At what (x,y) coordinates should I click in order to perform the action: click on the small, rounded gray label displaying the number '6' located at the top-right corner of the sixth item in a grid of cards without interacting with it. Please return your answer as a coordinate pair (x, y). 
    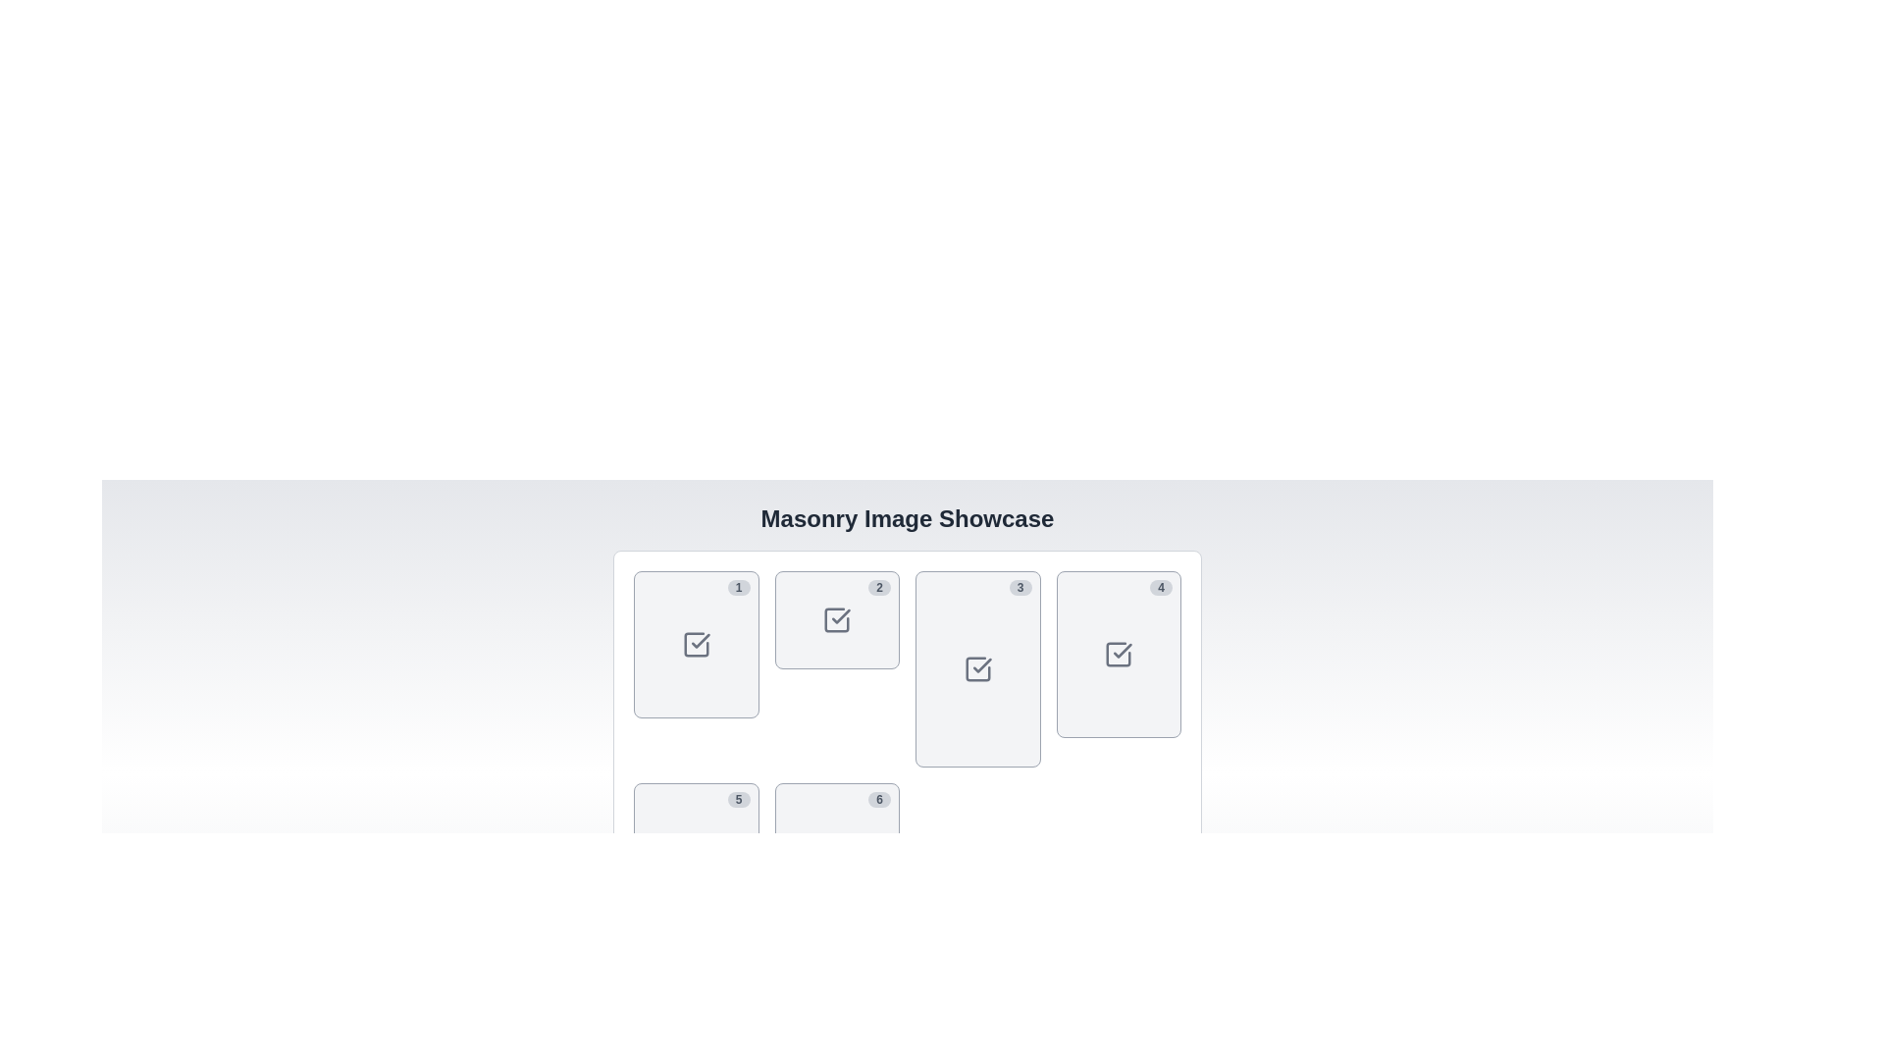
    Looking at the image, I should click on (878, 799).